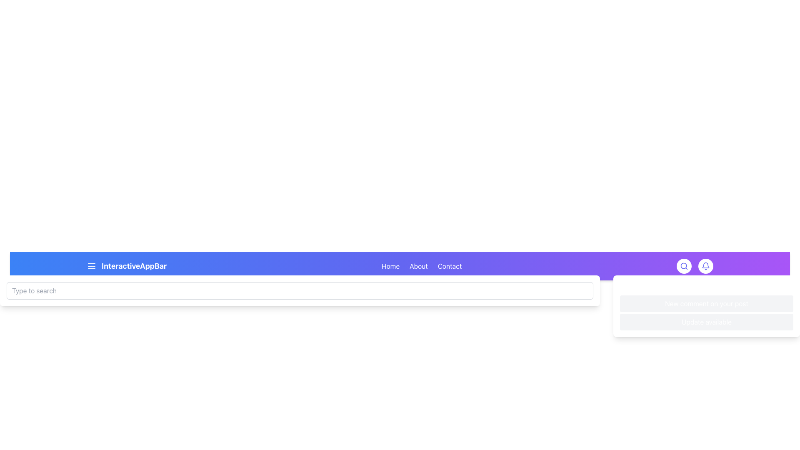 This screenshot has height=450, width=800. What do you see at coordinates (418, 266) in the screenshot?
I see `the 'About' hyperlink in the blue navigation bar` at bounding box center [418, 266].